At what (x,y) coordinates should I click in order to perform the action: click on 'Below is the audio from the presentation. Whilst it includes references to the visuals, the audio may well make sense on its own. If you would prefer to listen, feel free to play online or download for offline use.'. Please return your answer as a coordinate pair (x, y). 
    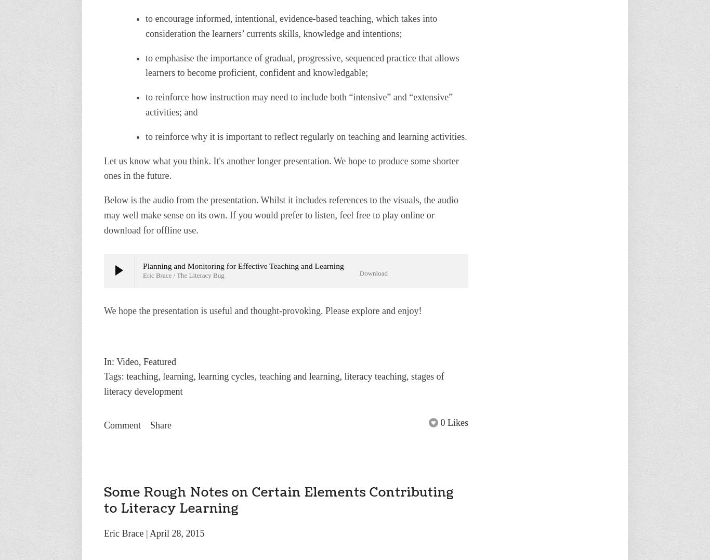
    Looking at the image, I should click on (281, 215).